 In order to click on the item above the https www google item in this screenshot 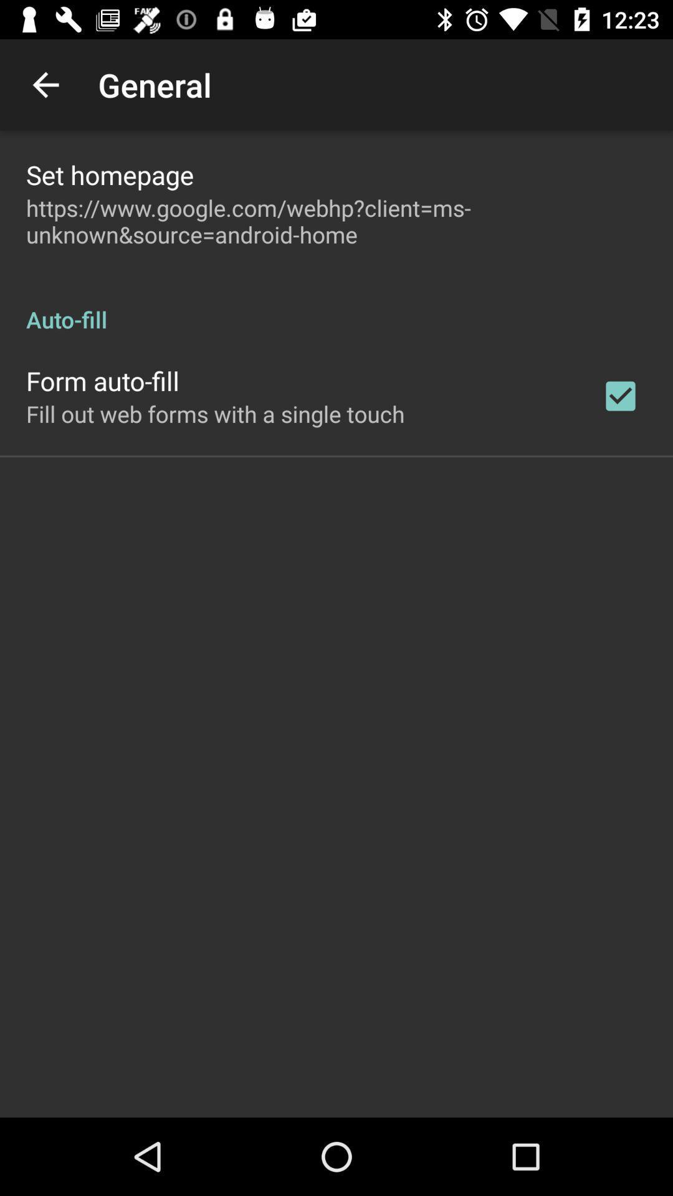, I will do `click(109, 174)`.